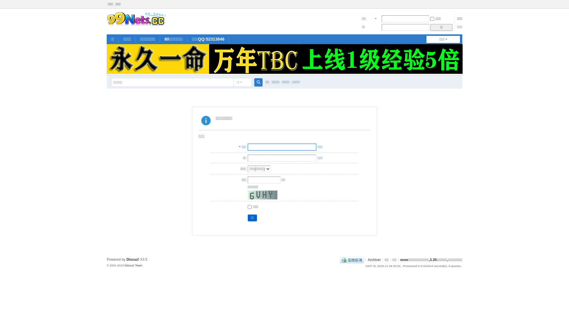  I want to click on 'Discuz! Team', so click(133, 265).